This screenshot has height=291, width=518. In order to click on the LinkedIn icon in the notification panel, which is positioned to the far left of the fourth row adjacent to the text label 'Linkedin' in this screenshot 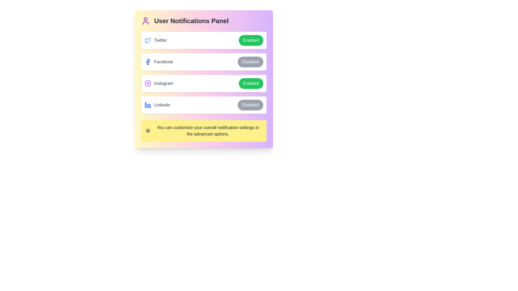, I will do `click(148, 105)`.